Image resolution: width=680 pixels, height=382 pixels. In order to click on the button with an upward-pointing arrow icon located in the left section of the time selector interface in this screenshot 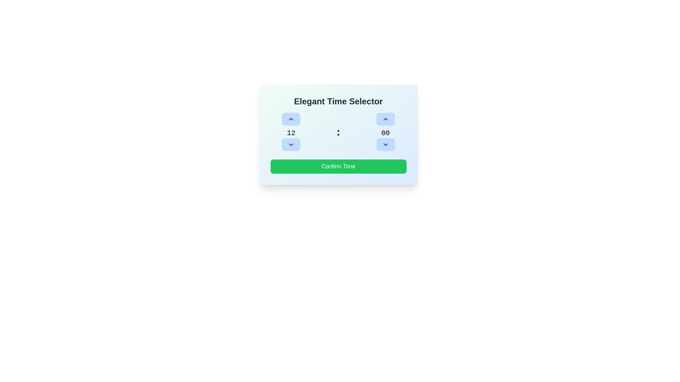, I will do `click(291, 118)`.